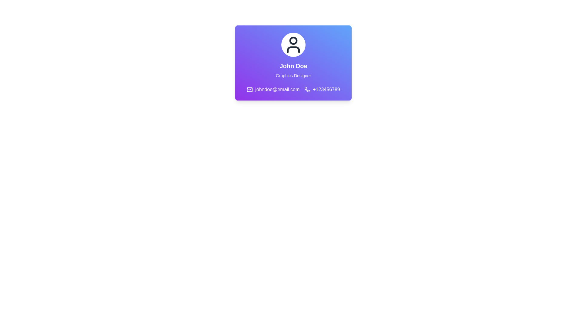 This screenshot has height=327, width=582. I want to click on the rectangular background of the mail icon located in the bottom-left section of the profile card, so click(250, 90).